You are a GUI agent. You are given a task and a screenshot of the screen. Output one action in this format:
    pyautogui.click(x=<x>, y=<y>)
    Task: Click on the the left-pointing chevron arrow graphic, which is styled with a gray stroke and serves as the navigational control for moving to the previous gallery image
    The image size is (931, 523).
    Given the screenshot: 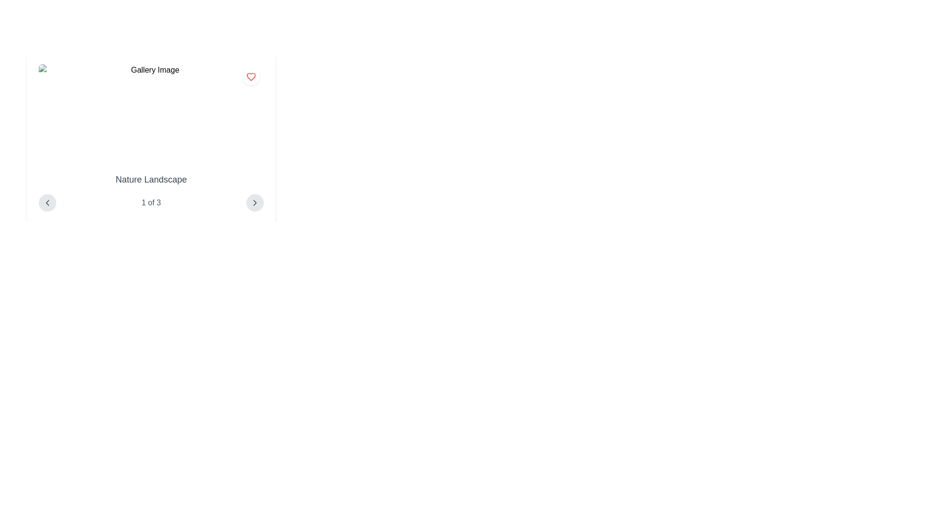 What is the action you would take?
    pyautogui.click(x=47, y=202)
    